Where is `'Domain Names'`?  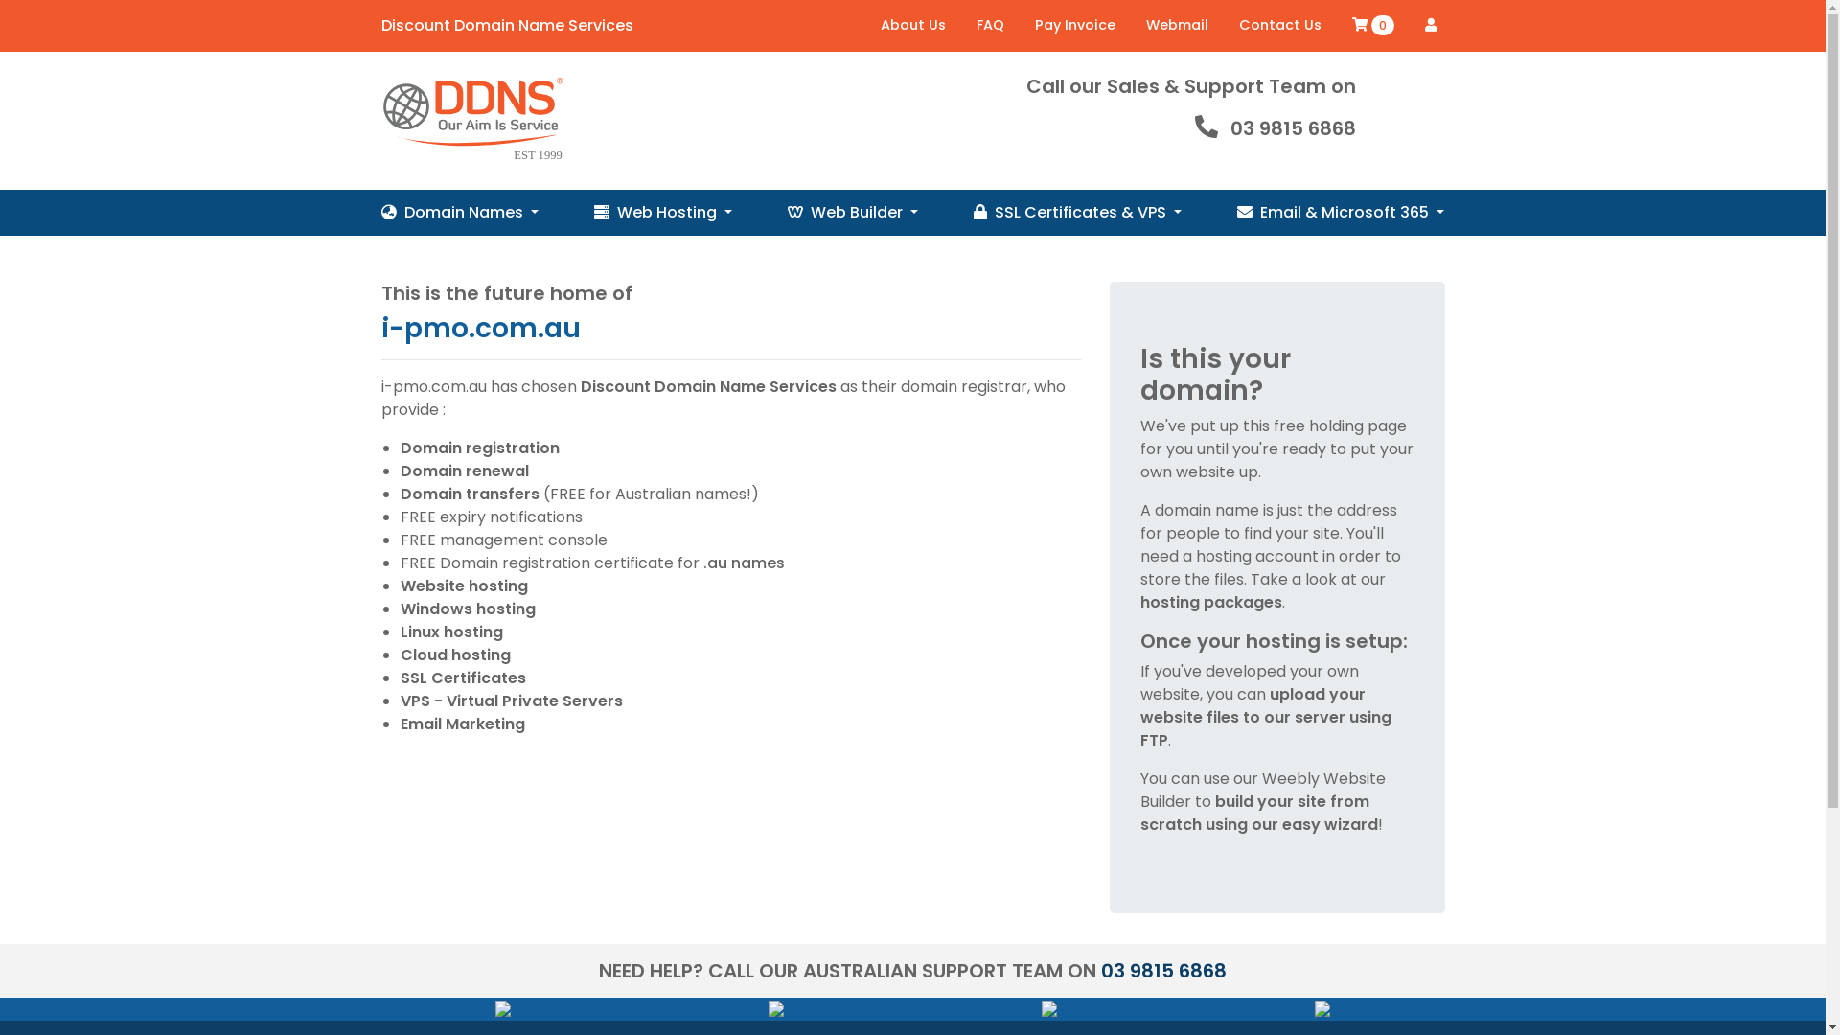
'Domain Names' is located at coordinates (460, 213).